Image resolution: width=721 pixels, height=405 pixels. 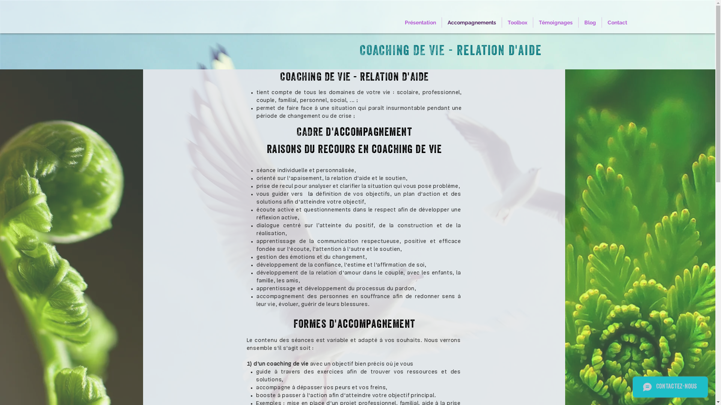 I want to click on 'Blog', so click(x=590, y=22).